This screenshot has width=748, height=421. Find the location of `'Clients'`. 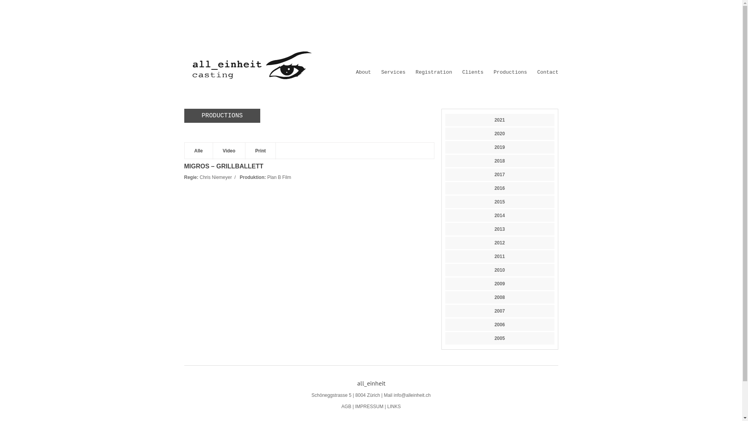

'Clients' is located at coordinates (472, 72).